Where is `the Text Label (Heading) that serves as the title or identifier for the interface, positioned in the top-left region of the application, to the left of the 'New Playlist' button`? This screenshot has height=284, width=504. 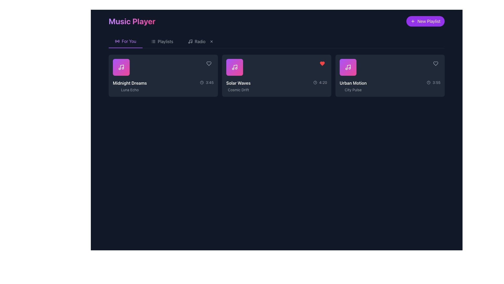
the Text Label (Heading) that serves as the title or identifier for the interface, positioned in the top-left region of the application, to the left of the 'New Playlist' button is located at coordinates (132, 21).